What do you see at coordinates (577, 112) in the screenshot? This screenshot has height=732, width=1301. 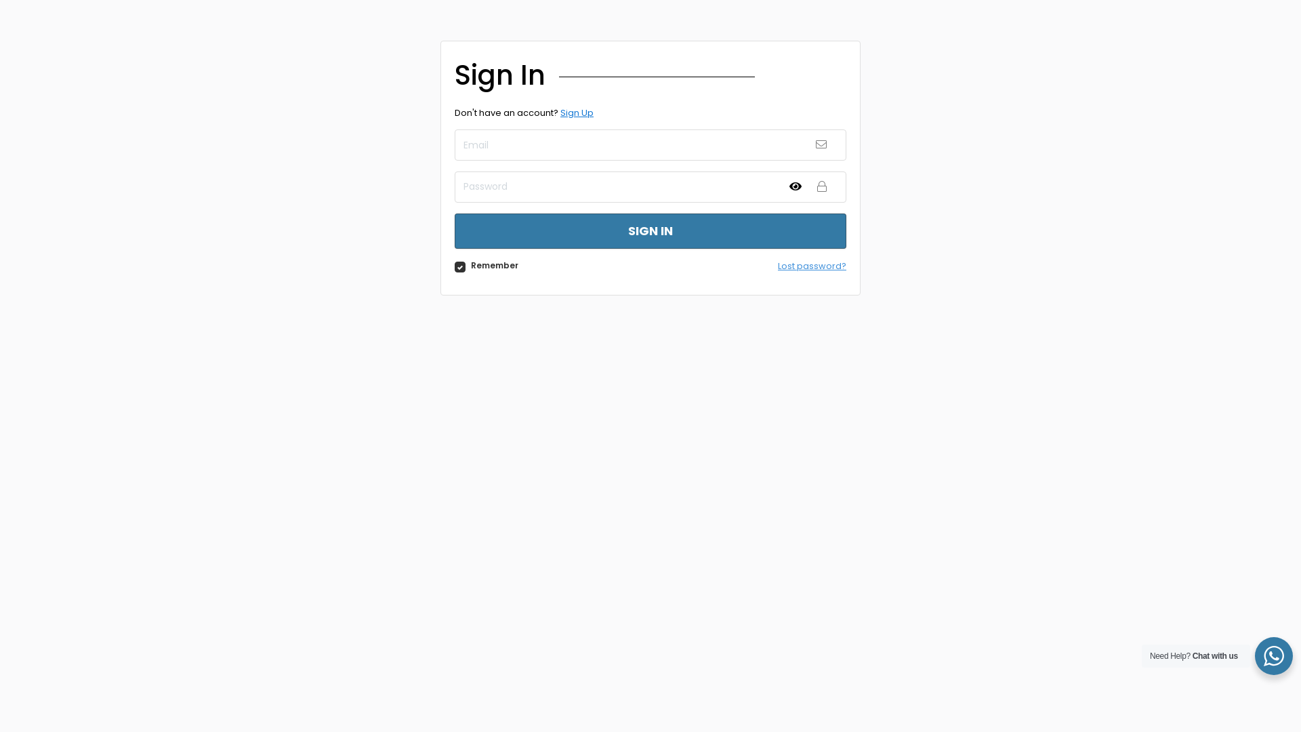 I see `'Sign Up'` at bounding box center [577, 112].